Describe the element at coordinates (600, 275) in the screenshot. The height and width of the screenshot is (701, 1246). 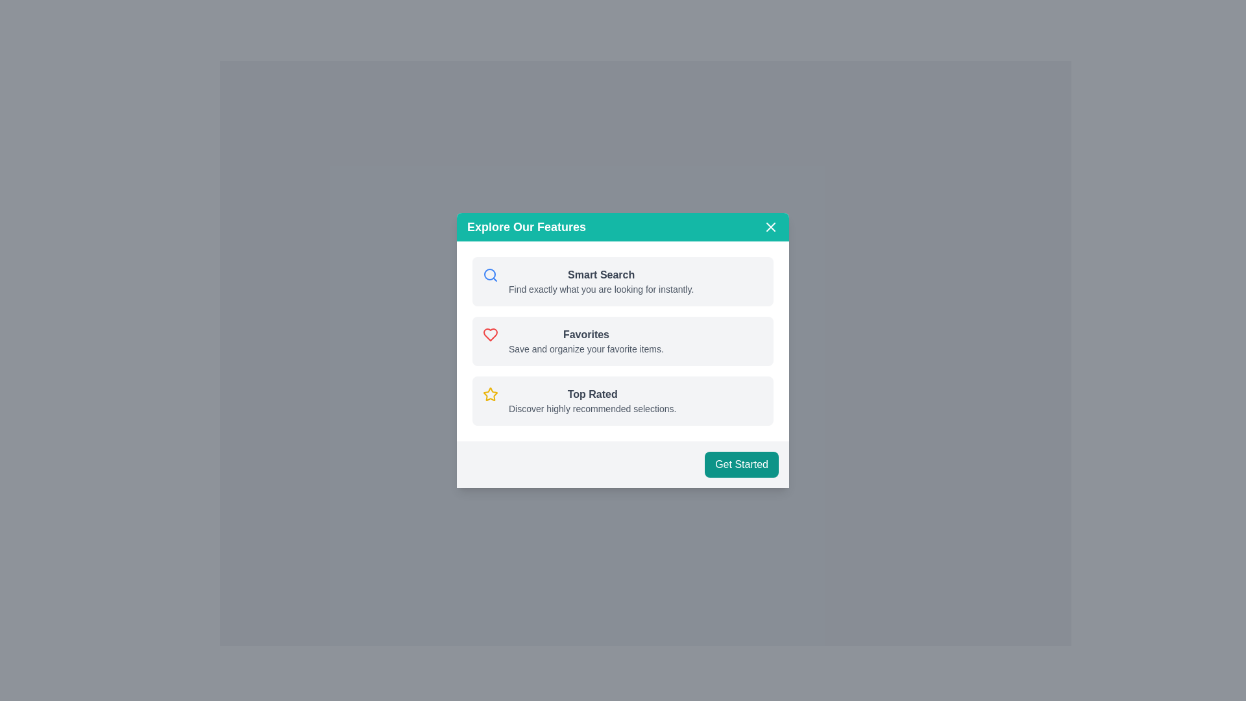
I see `heading text 'Smart Search' located in the top-left quadrant of the modal window titled 'Explore Our Features'` at that location.